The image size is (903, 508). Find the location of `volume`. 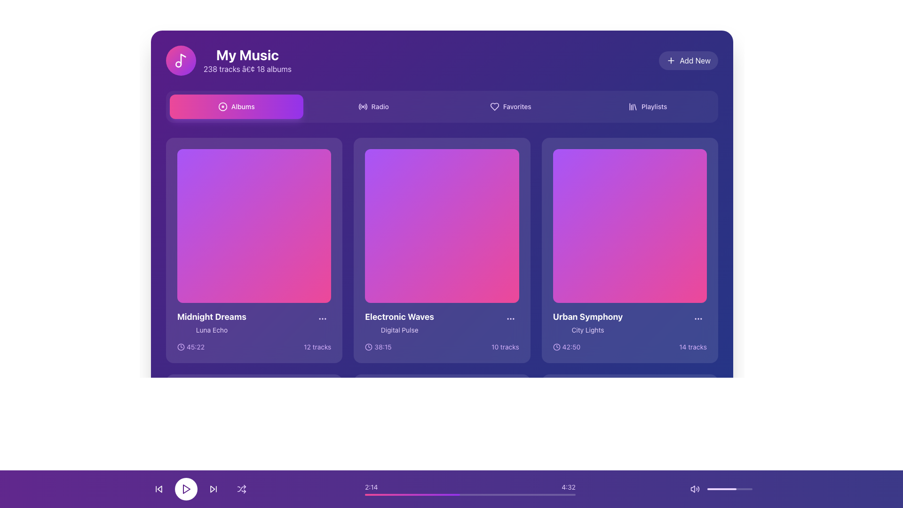

volume is located at coordinates (718, 489).